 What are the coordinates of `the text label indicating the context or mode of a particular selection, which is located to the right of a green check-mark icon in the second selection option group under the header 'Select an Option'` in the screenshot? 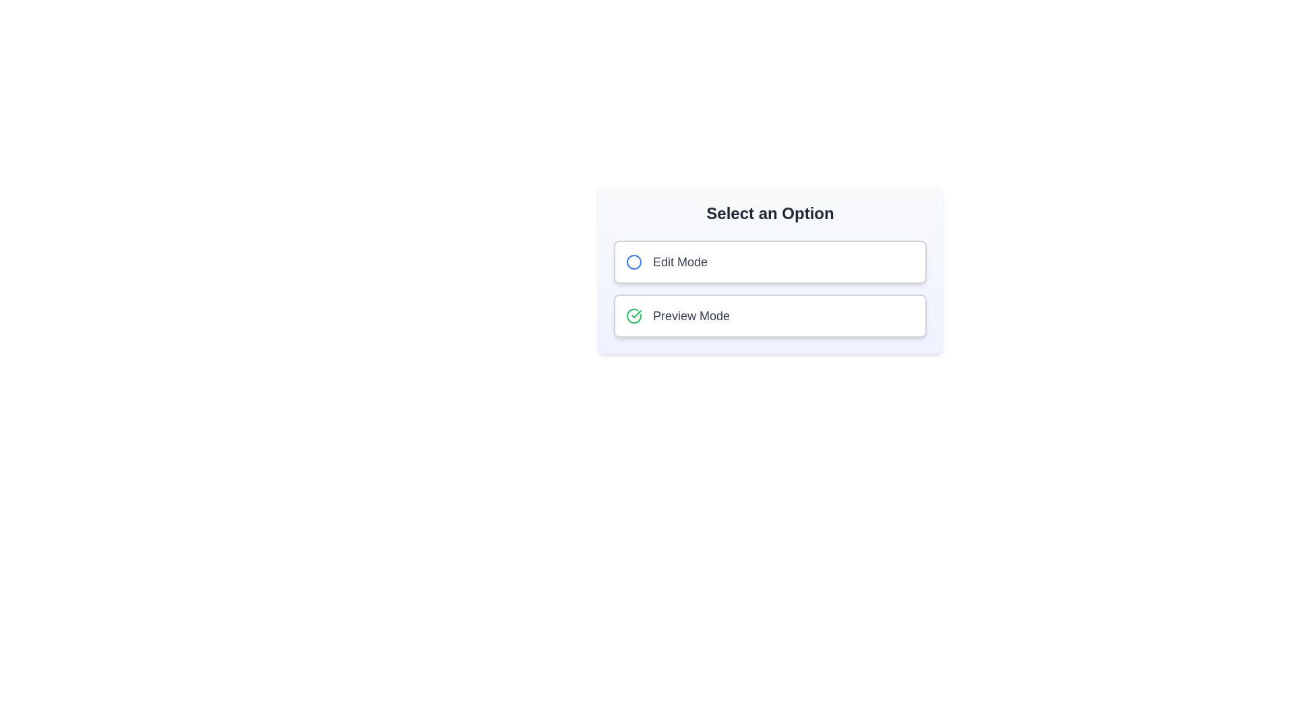 It's located at (691, 316).